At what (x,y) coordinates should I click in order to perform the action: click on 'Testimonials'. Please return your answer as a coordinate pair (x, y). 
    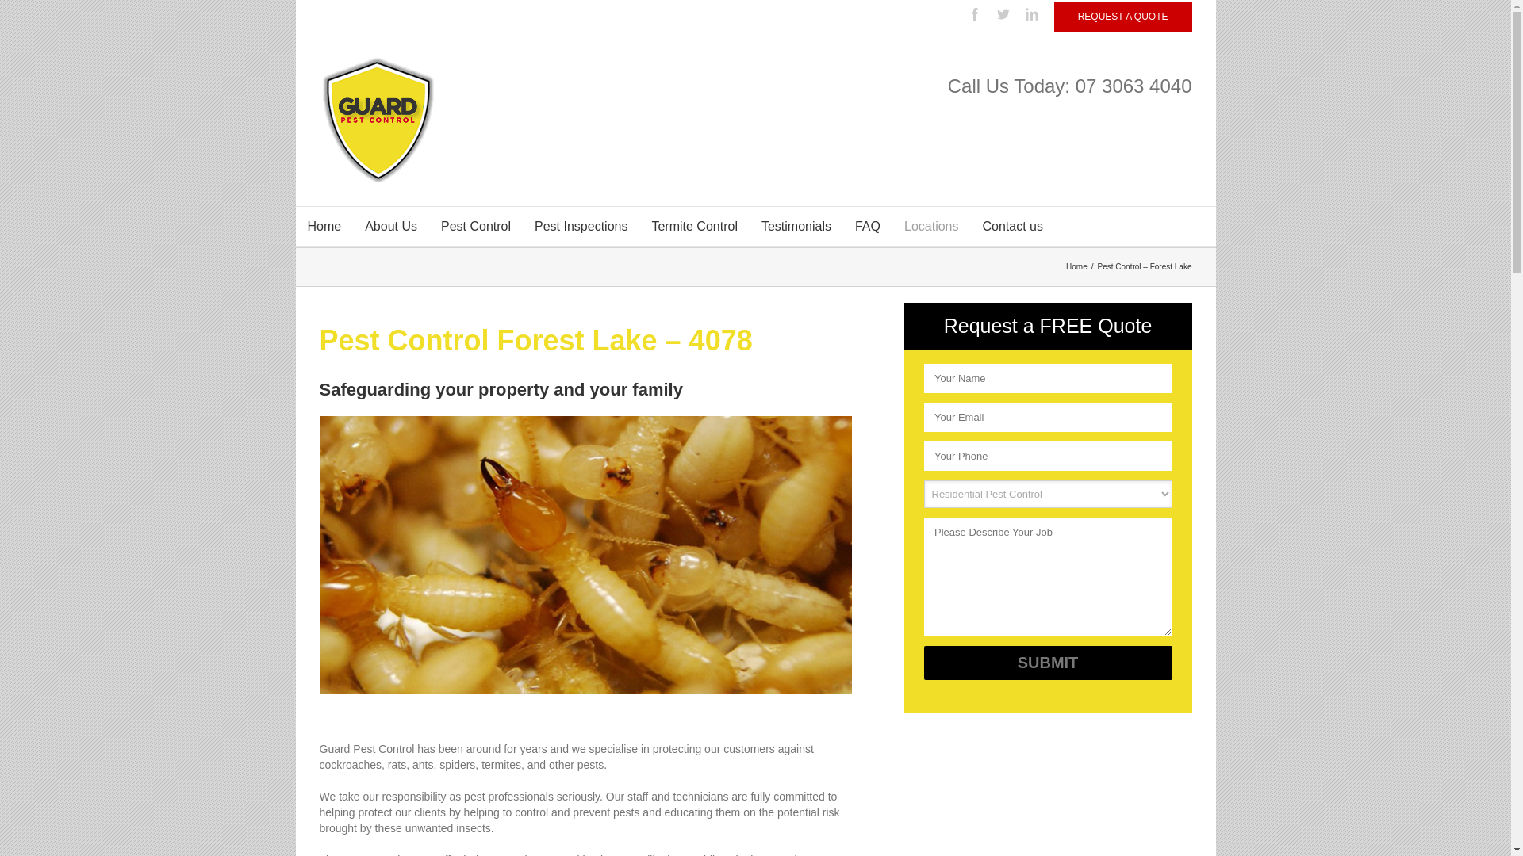
    Looking at the image, I should click on (749, 226).